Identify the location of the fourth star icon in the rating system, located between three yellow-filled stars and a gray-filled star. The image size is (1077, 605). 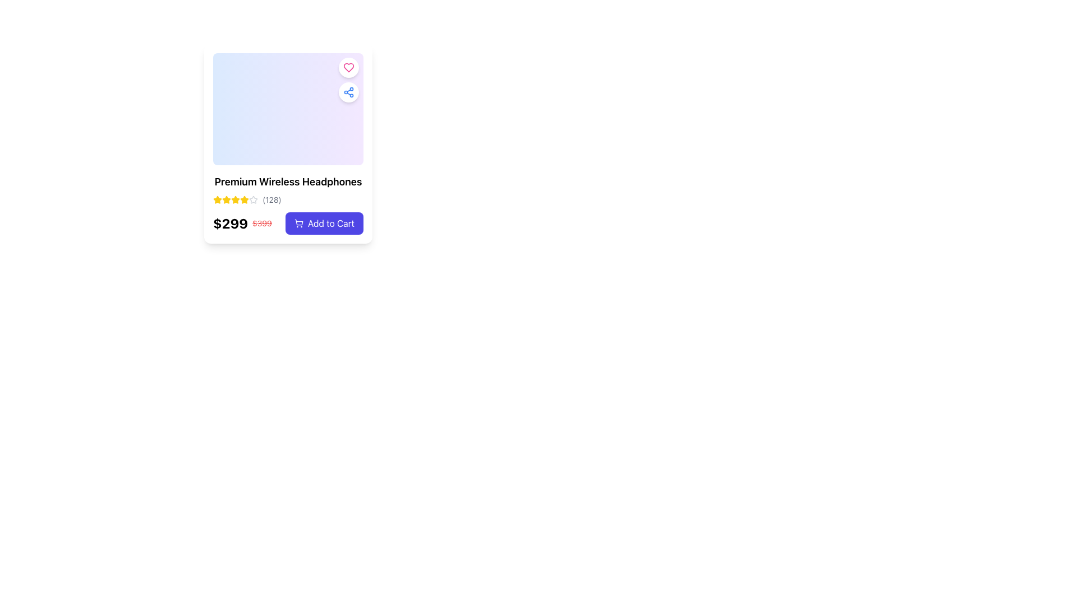
(235, 199).